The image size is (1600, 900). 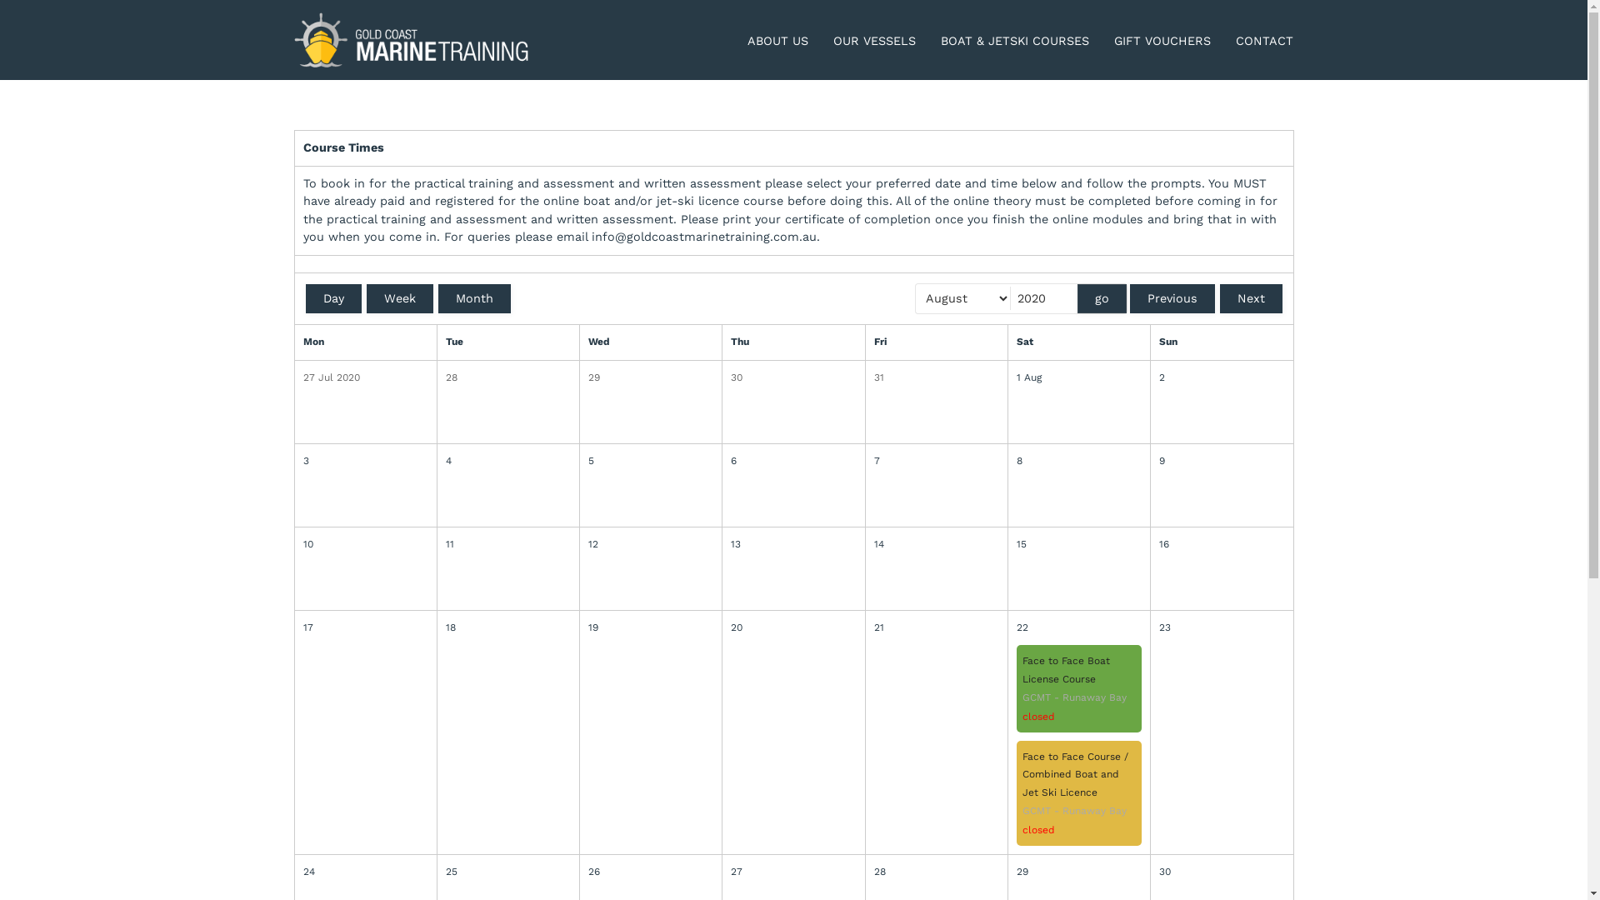 I want to click on '15', so click(x=1079, y=545).